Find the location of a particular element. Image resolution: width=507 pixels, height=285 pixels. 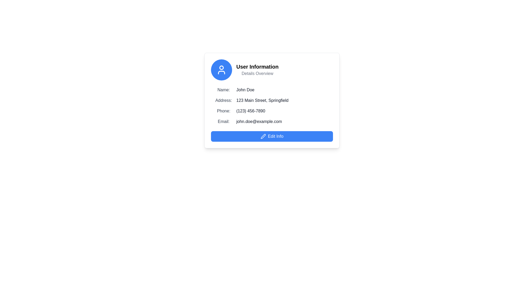

the pen-shaped icon located inside the 'Edit Info' button at the bottom center of the card for potential visual feedback is located at coordinates (263, 136).